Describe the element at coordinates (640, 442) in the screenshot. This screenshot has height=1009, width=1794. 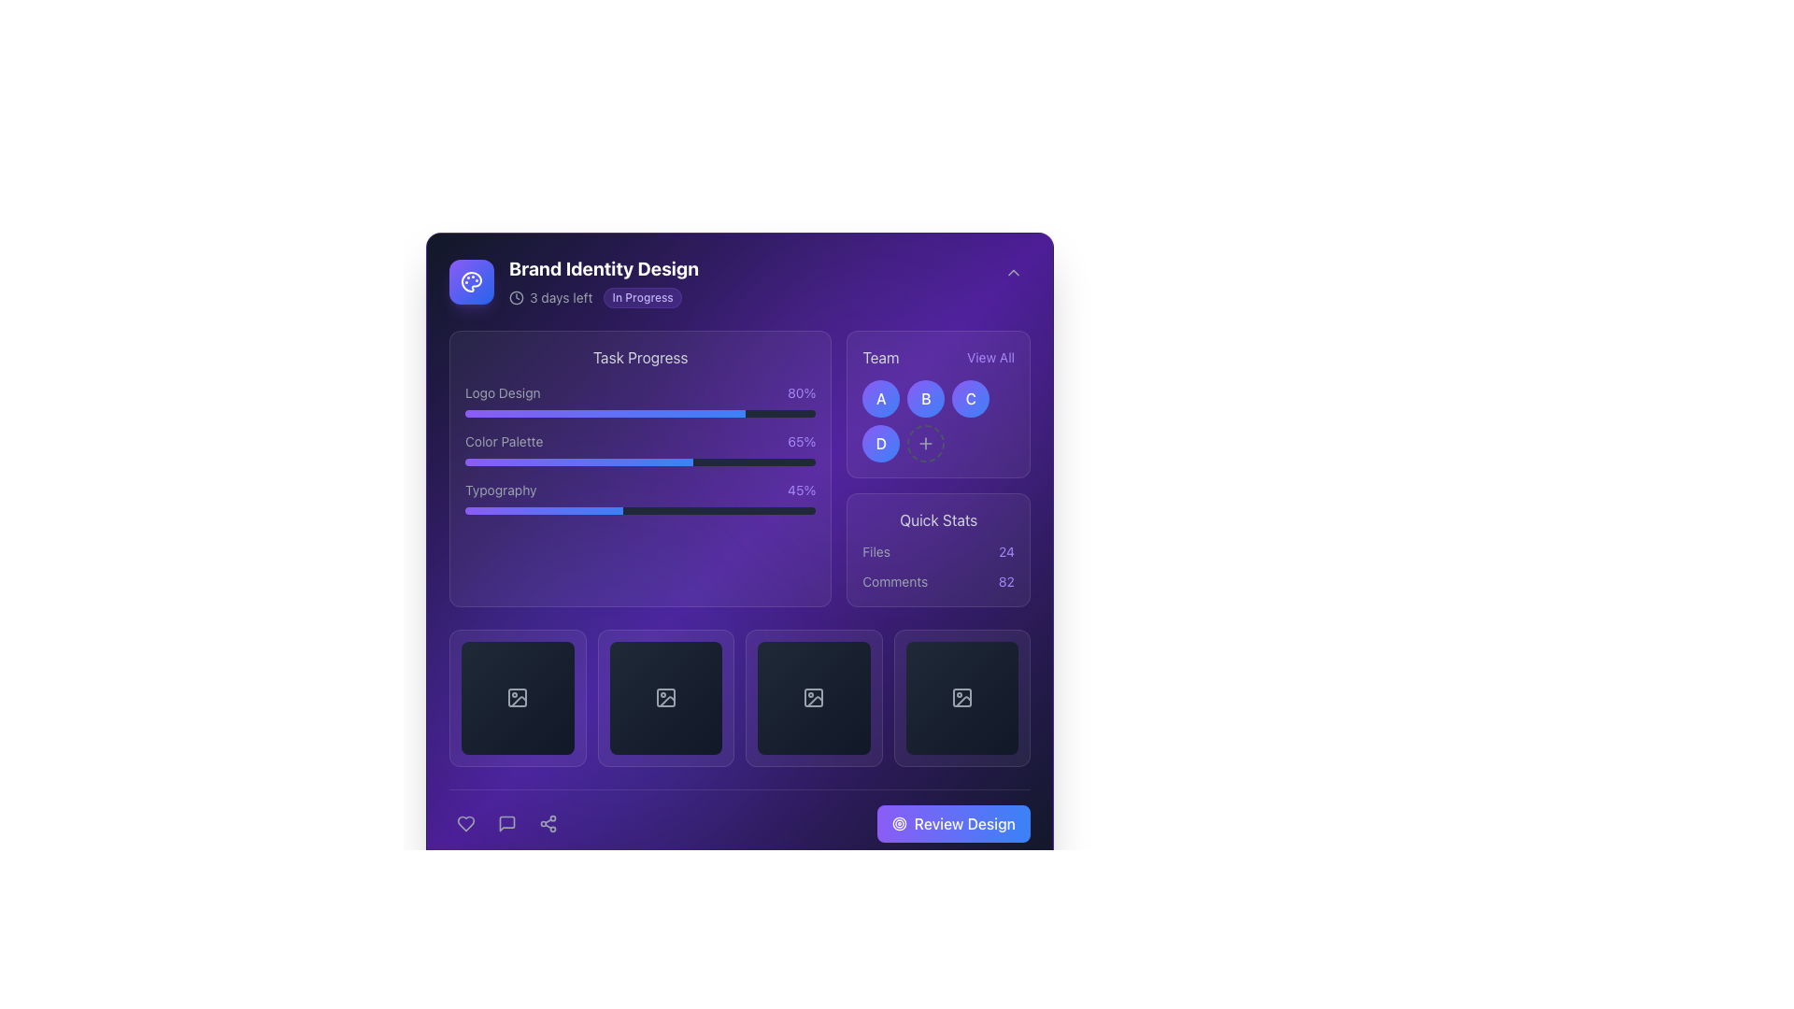
I see `the associated information for the 'Color Palette' text label and its completion percentage of '65%', located in the central 'Task Progress' section of the interface` at that location.